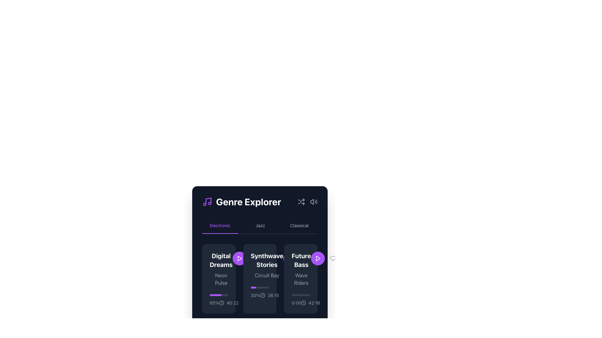 The image size is (602, 338). I want to click on the time value displayed in the progress indicator located within the 'Digital Dreams' card, below the progress bar and percentage value, so click(219, 300).